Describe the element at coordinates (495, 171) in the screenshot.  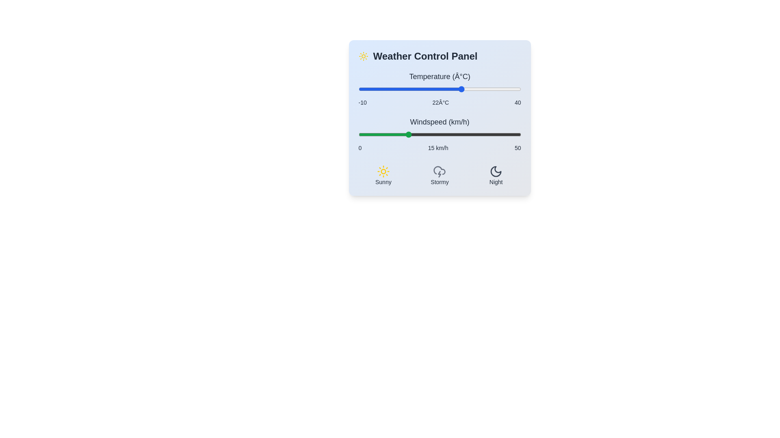
I see `the 'Night' mode icon` at that location.